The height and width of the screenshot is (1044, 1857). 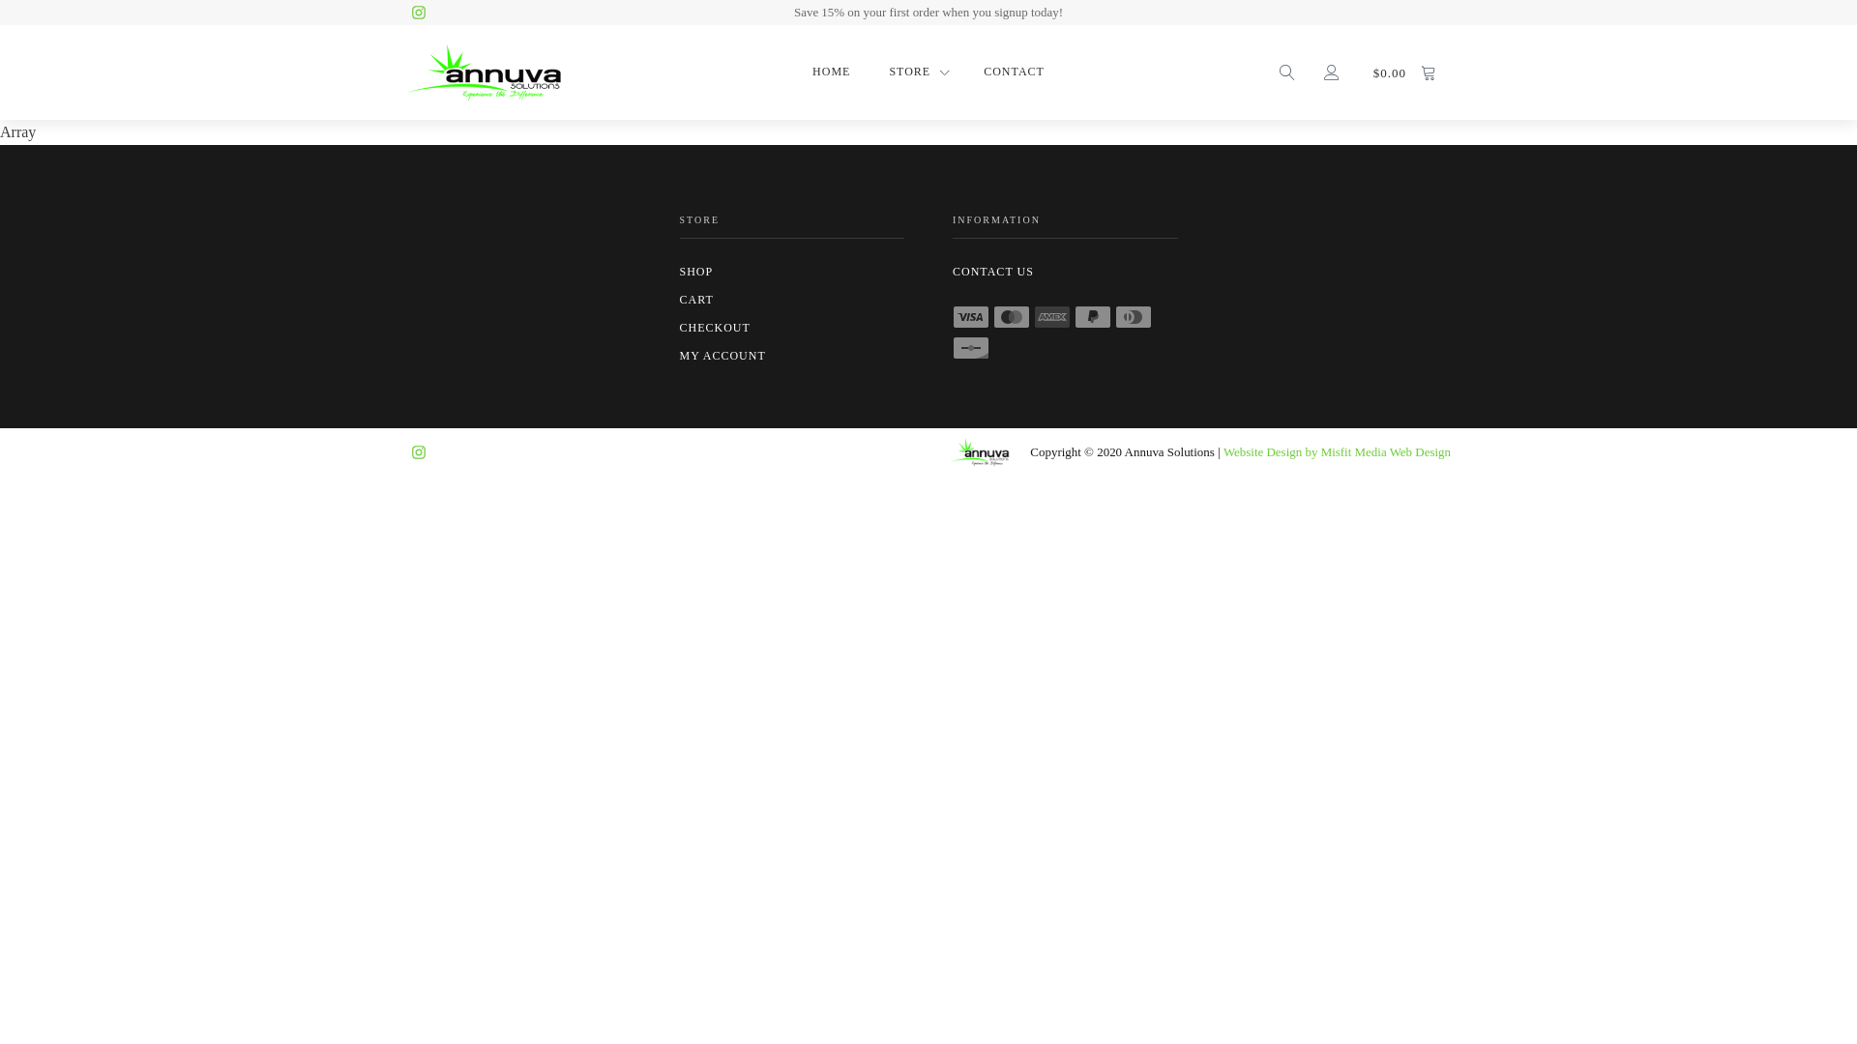 I want to click on 'CHECKOUT', so click(x=678, y=327).